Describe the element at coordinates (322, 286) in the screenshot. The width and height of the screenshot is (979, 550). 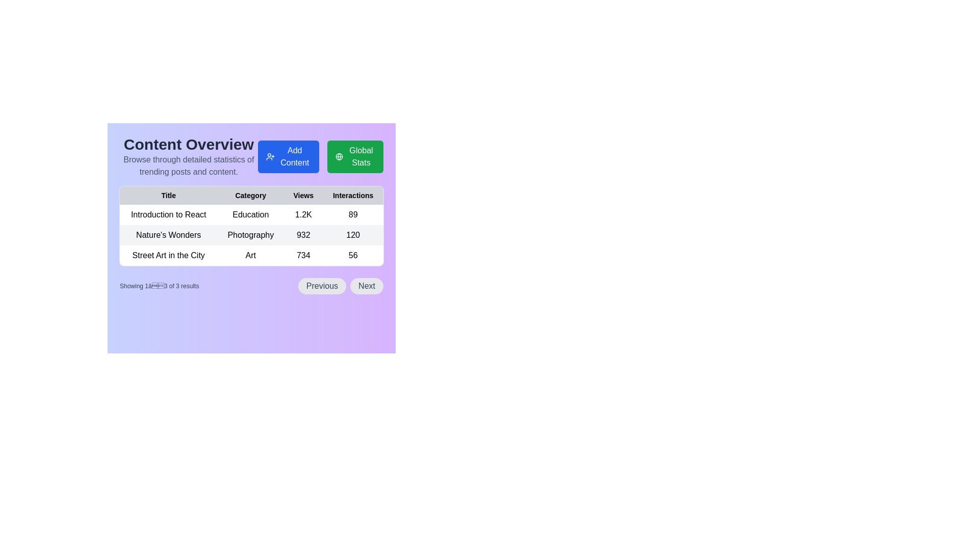
I see `the 'Previous' button, which is a rounded rectangular button with a light gray background and dark gray text, located at the bottom center of the interface` at that location.